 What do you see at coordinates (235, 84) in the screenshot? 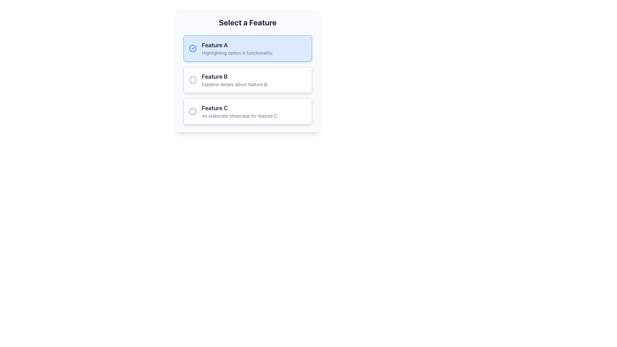
I see `the descriptive text located directly beneath the title 'Feature B' in the second selectable card to trigger any available tooltip` at bounding box center [235, 84].